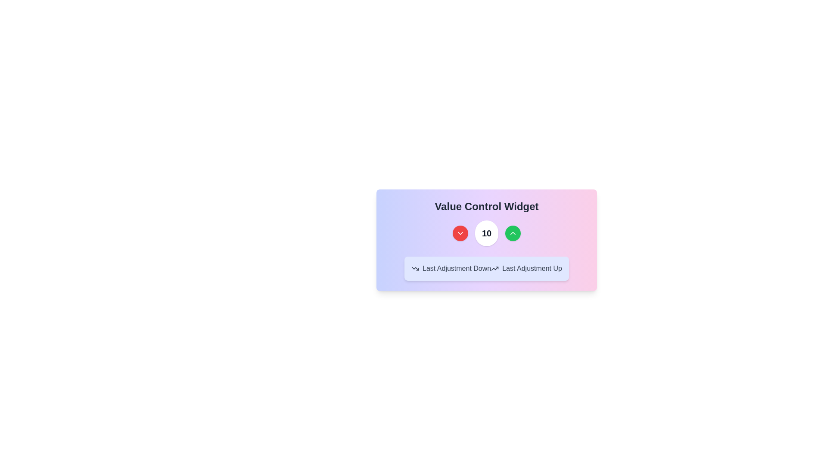 The height and width of the screenshot is (465, 827). Describe the element at coordinates (513, 233) in the screenshot. I see `the green button with an upward action icon located to the right of the central white circle` at that location.